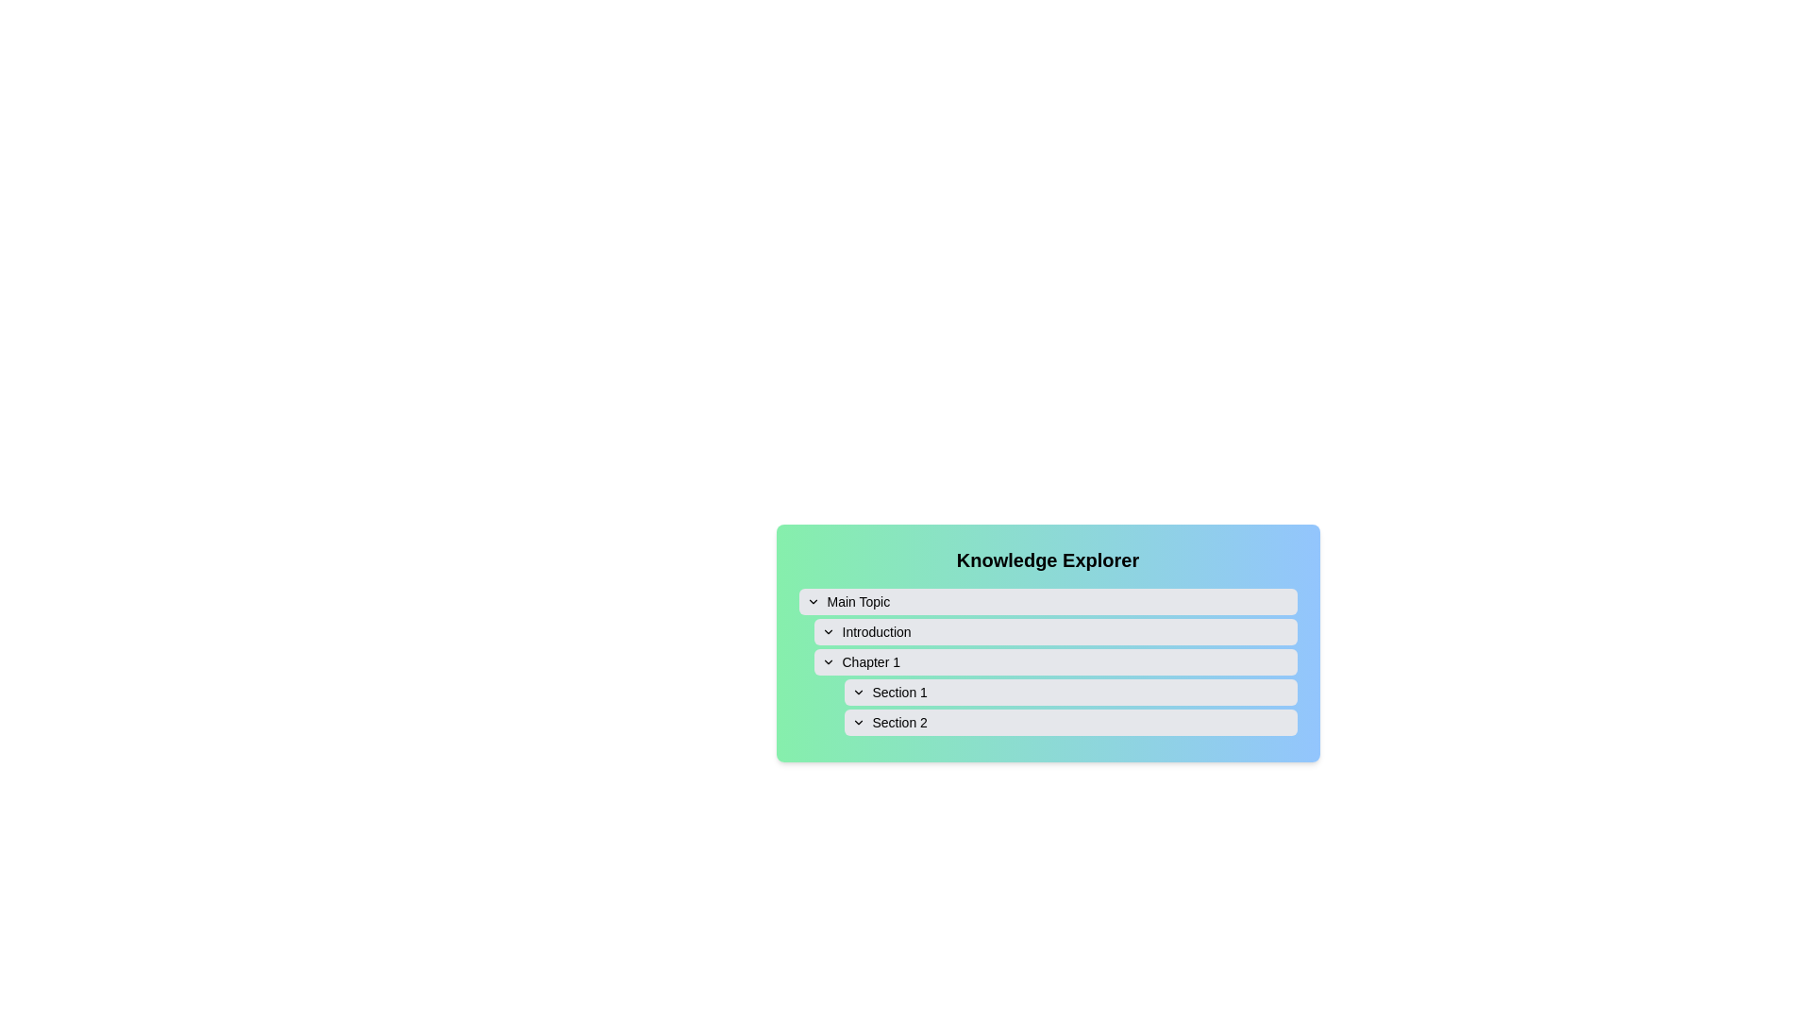 This screenshot has width=1812, height=1019. I want to click on the chevron icon located to the left of the 'Main Topic' text in the 'Knowledge Explorer' menu to potentially reveal additional information or a tooltip, so click(813, 601).